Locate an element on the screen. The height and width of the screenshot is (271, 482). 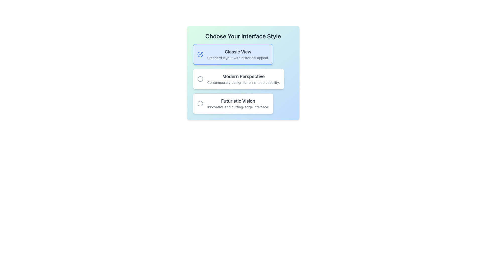
the radio button for the 'Futuristic Vision' option, which is the third option in a vertically stacked list of three choices is located at coordinates (200, 103).